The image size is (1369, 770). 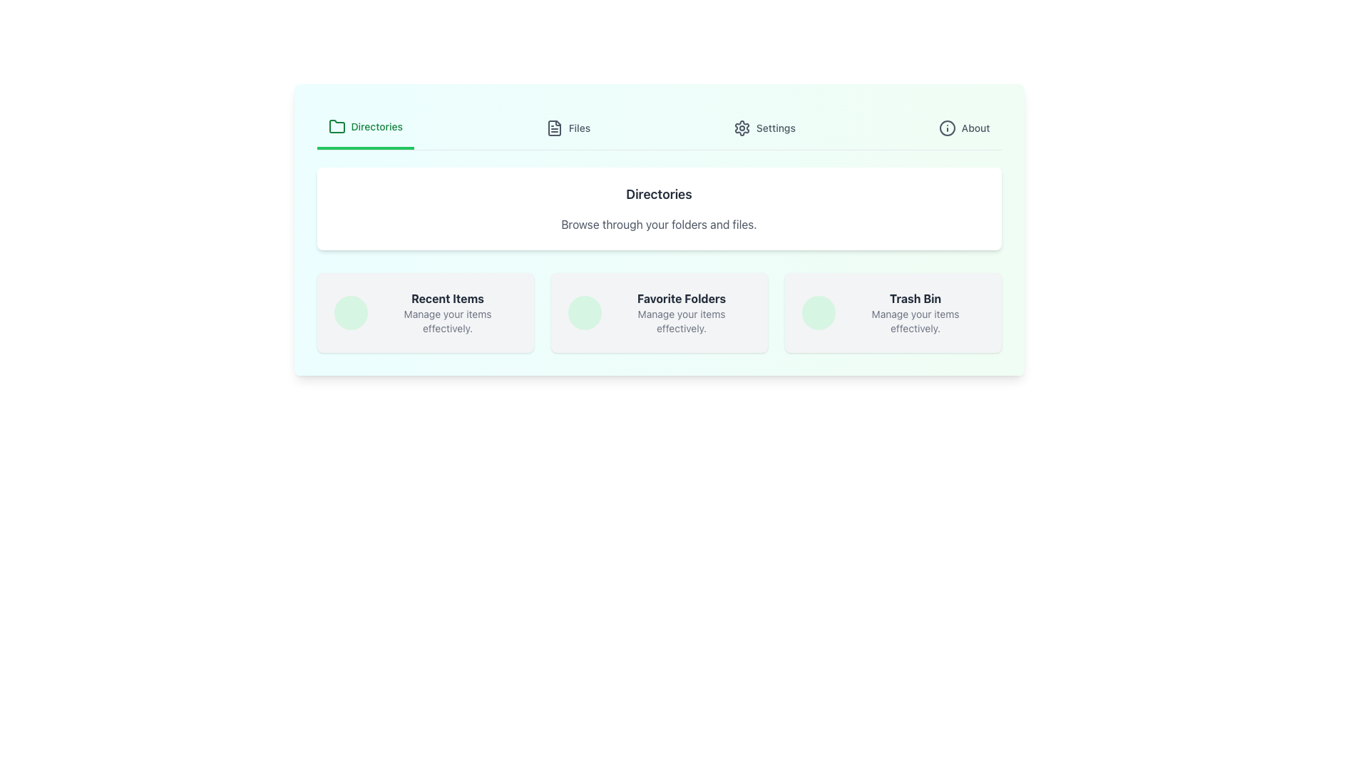 What do you see at coordinates (916, 298) in the screenshot?
I see `text from the Trash Bin section label, which is the rightmost item in the top-level navigation section below the main directory header` at bounding box center [916, 298].